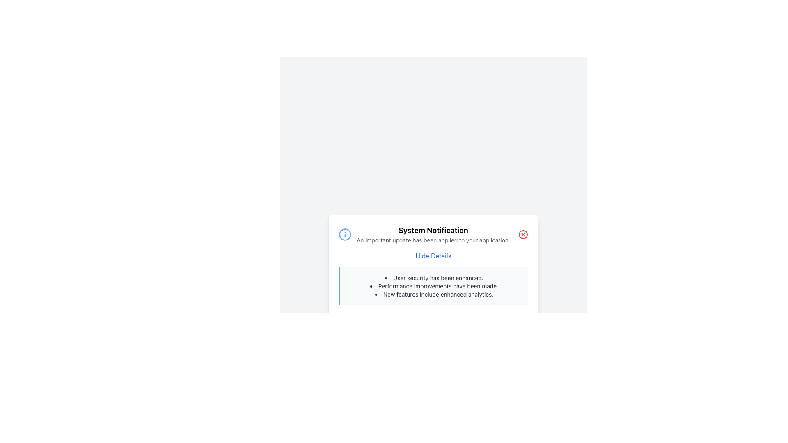 The height and width of the screenshot is (443, 788). Describe the element at coordinates (433, 234) in the screenshot. I see `text from the Textual Content Block that displays 'System Notification' and 'An important update has been applied to your application.'` at that location.